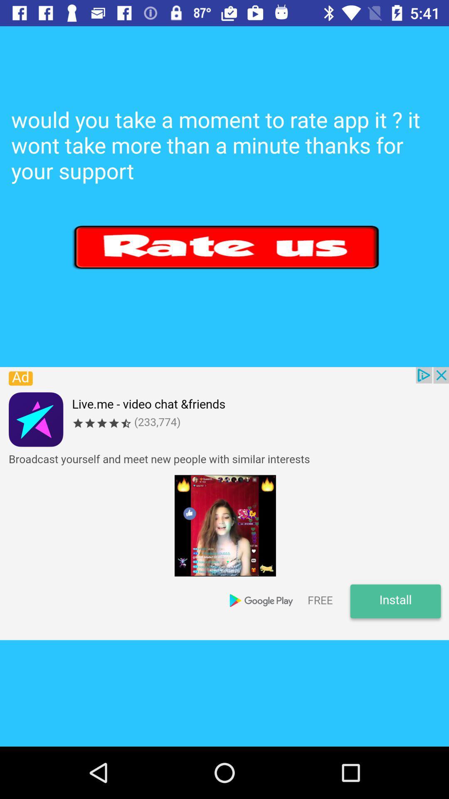 The height and width of the screenshot is (799, 449). Describe the element at coordinates (227, 246) in the screenshot. I see `rate button` at that location.